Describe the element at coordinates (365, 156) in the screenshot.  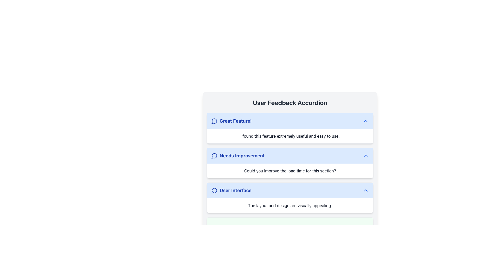
I see `the upward-pointing blue chevron icon located on the right side of the 'Needs Improvement' section header` at that location.